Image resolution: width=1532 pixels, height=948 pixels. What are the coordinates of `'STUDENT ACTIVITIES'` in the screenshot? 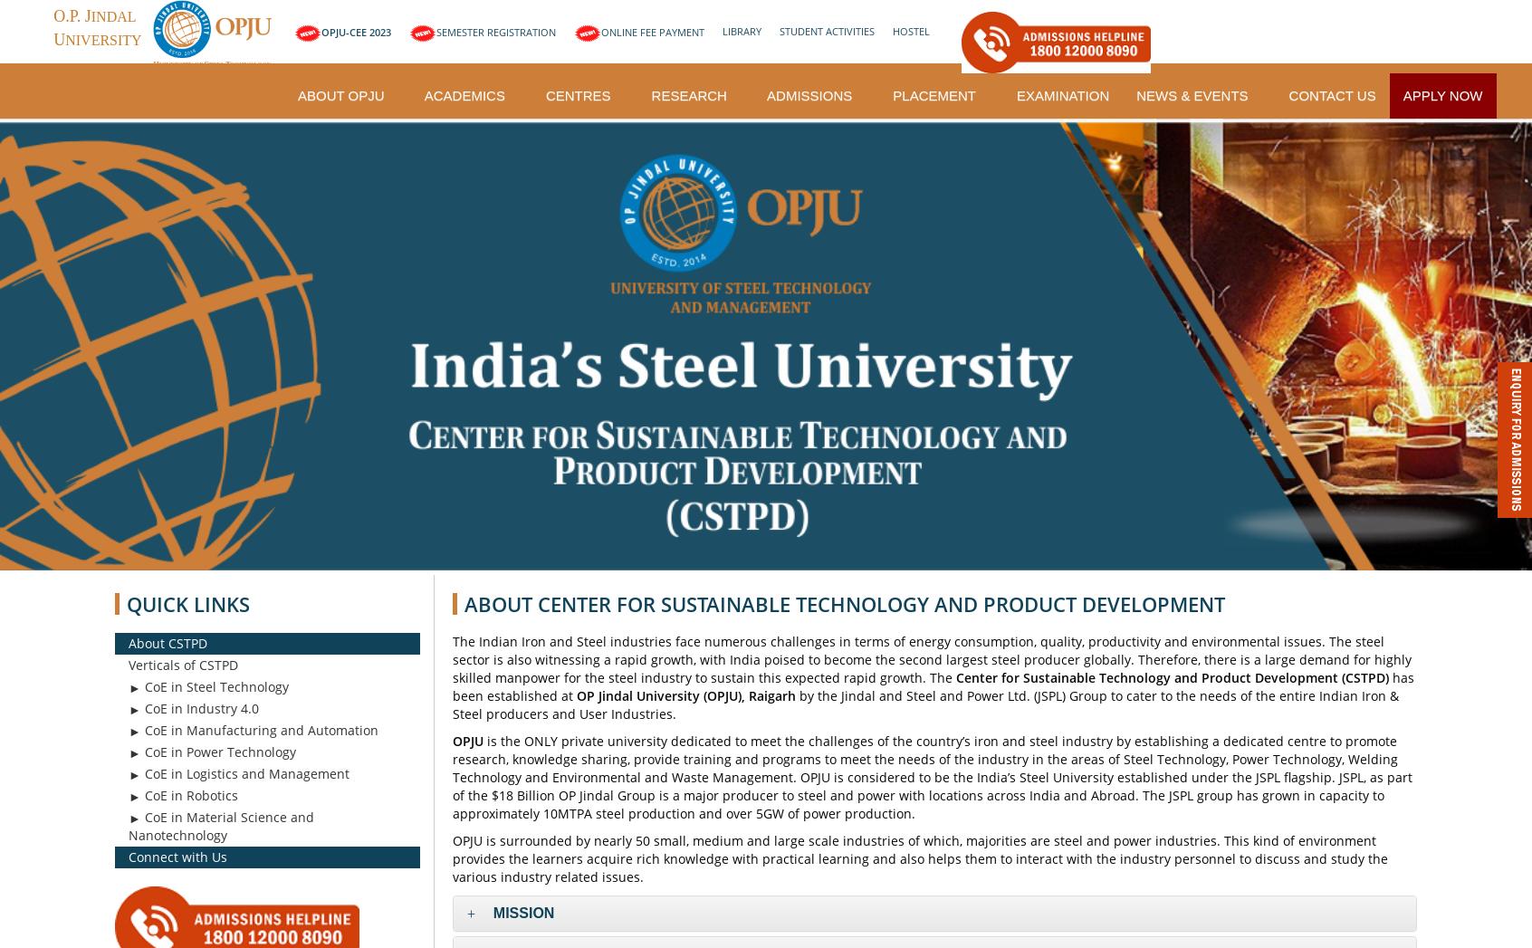 It's located at (825, 29).